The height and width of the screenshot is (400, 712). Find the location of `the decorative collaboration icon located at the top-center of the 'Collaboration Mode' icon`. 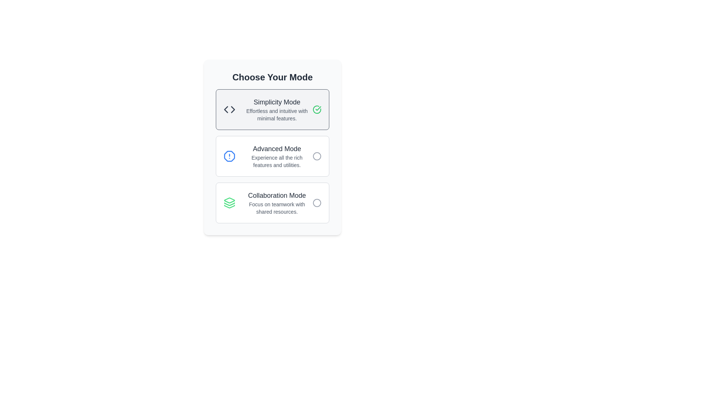

the decorative collaboration icon located at the top-center of the 'Collaboration Mode' icon is located at coordinates (229, 200).